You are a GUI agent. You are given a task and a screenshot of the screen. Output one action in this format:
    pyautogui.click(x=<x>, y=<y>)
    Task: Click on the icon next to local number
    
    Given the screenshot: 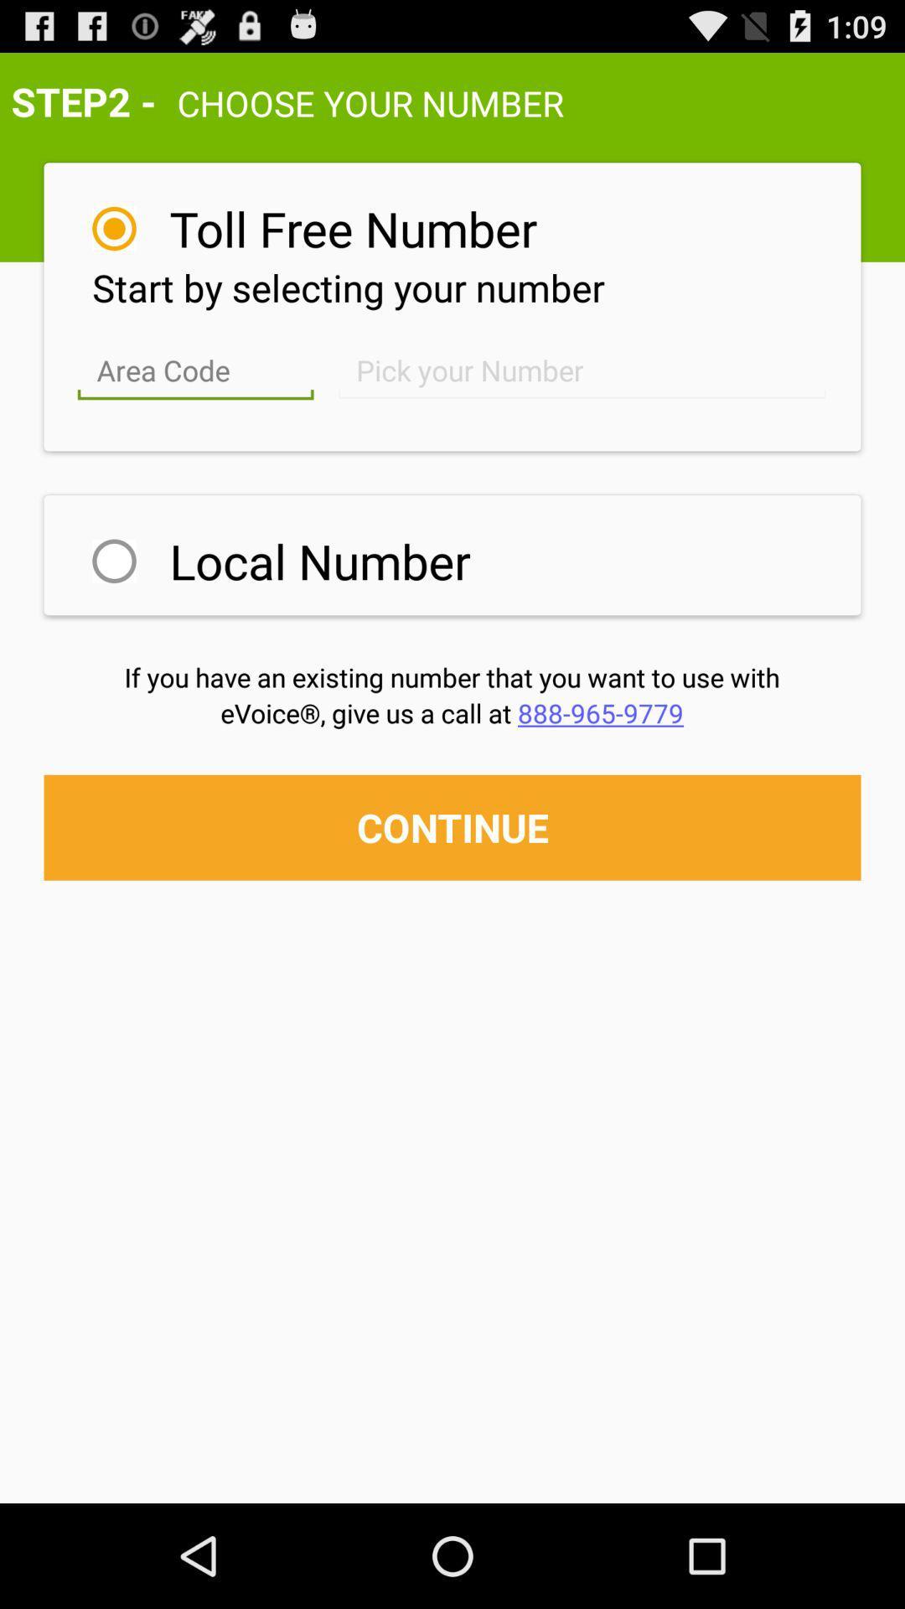 What is the action you would take?
    pyautogui.click(x=113, y=561)
    